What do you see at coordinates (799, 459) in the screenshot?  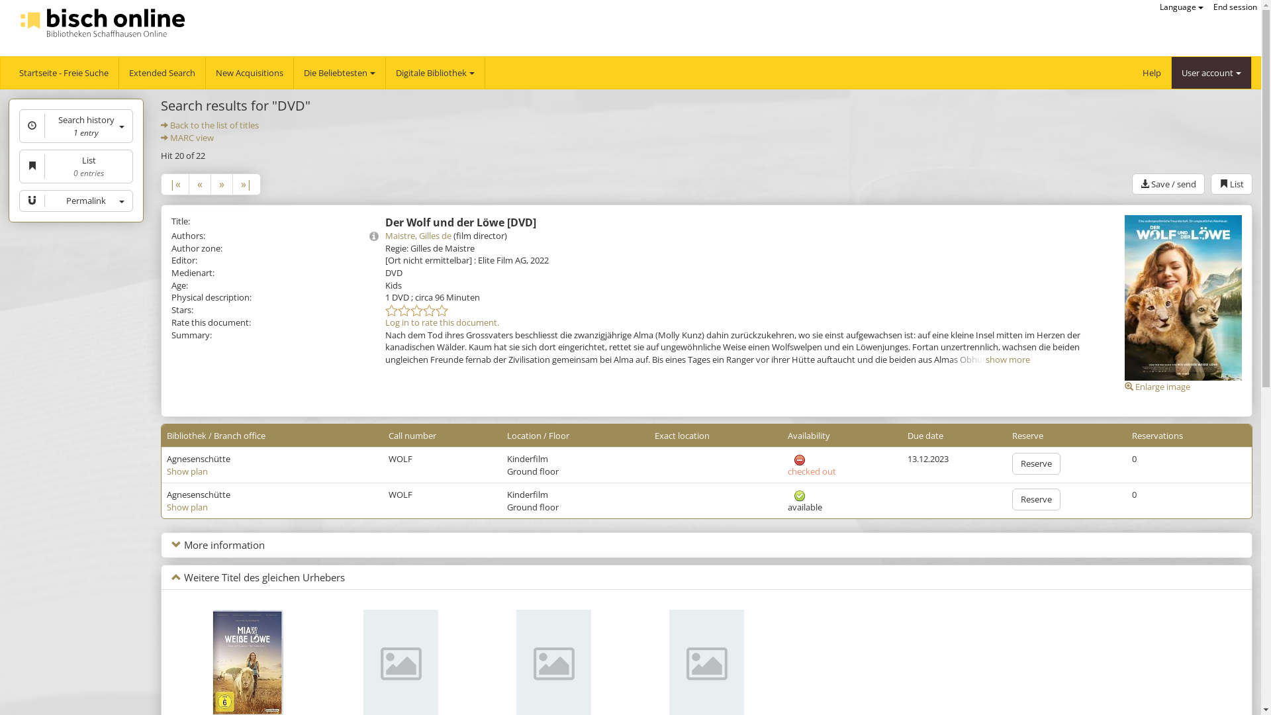 I see `'checked out'` at bounding box center [799, 459].